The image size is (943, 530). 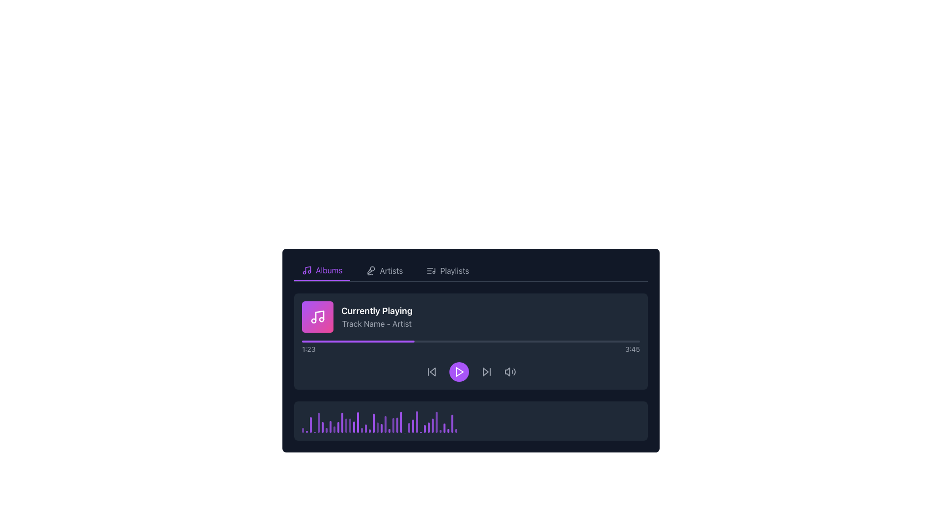 What do you see at coordinates (471, 420) in the screenshot?
I see `the graphical visualization component resembling a sound wave, which is represented by vertical purple bars on a dark gray background, located at the bottom of the music playback interface` at bounding box center [471, 420].